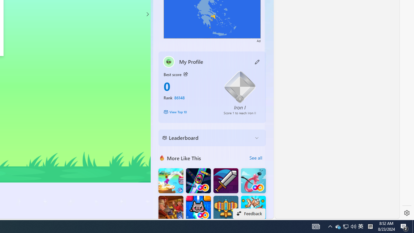 Image resolution: width=414 pixels, height=233 pixels. What do you see at coordinates (226, 181) in the screenshot?
I see `'Dungeon Master Knight'` at bounding box center [226, 181].